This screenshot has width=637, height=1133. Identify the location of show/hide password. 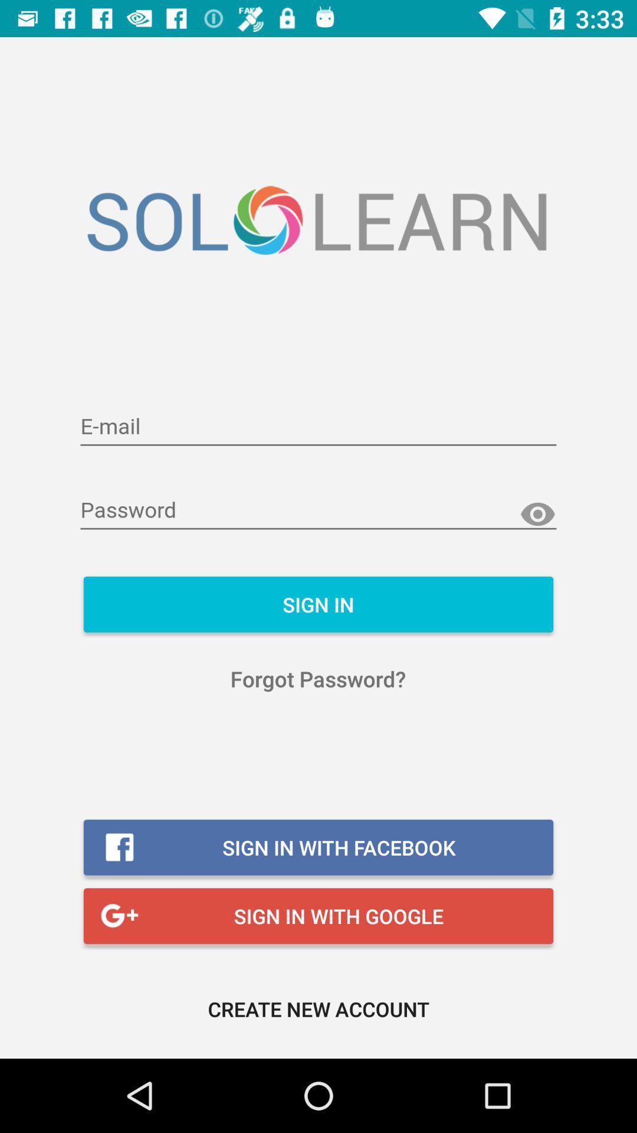
(537, 515).